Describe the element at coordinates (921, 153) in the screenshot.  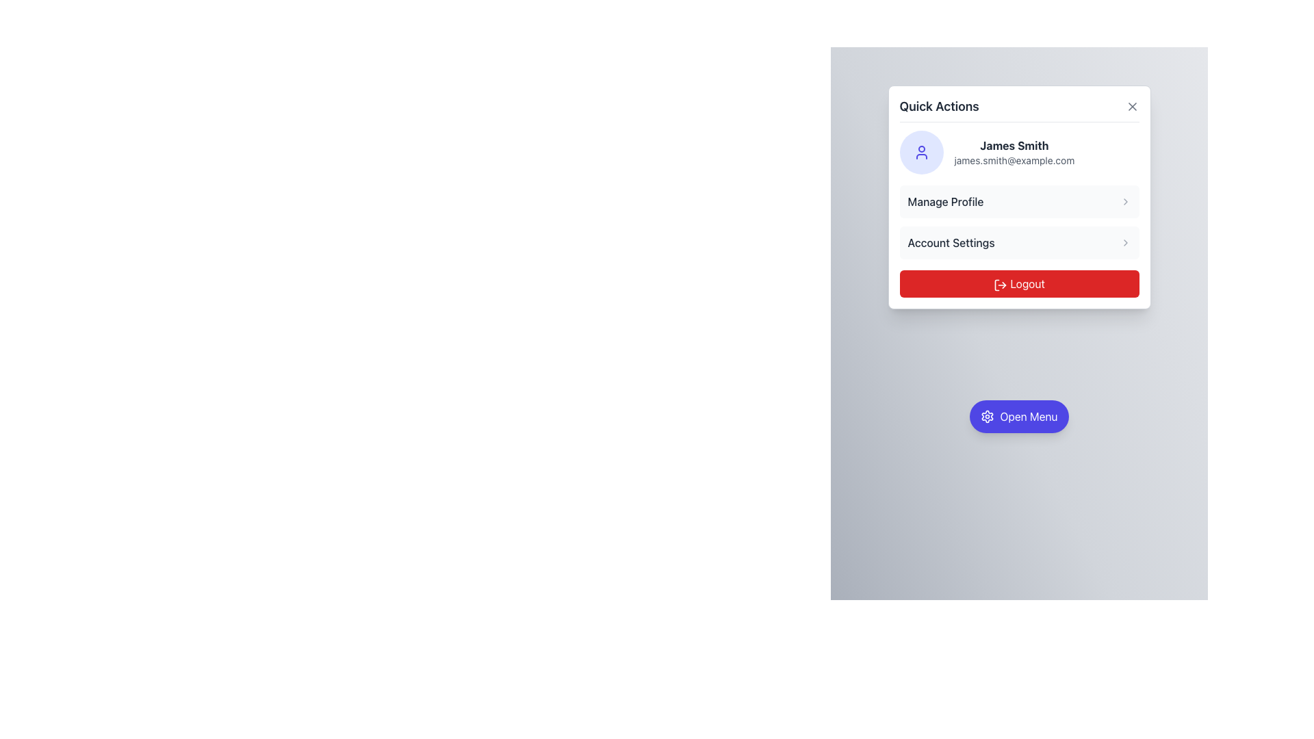
I see `the user profile SVG icon located in the Quick Actions modal dialog, which is set against a circular indigo-light background at the top-left of the panel` at that location.